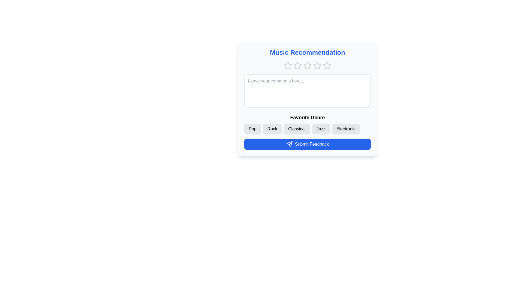 The width and height of the screenshot is (523, 294). Describe the element at coordinates (297, 65) in the screenshot. I see `the second star icon for rating, which is a hollow star with a light gray outline` at that location.